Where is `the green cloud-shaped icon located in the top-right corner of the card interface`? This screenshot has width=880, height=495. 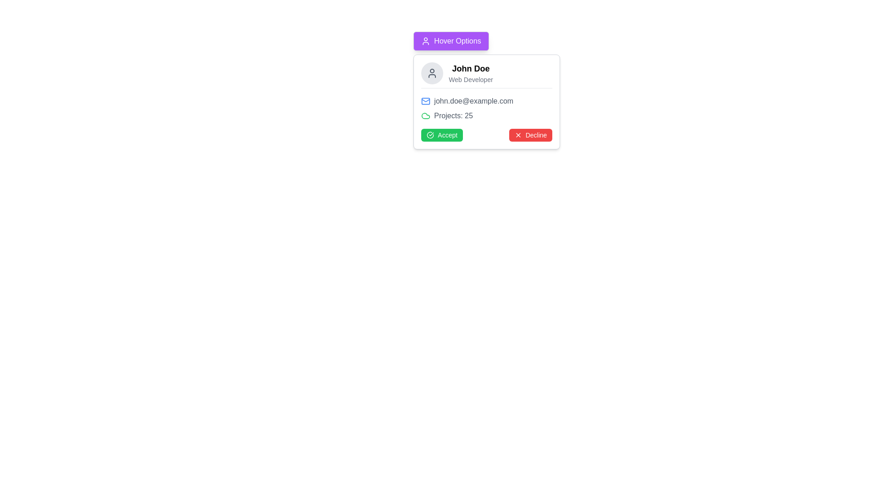
the green cloud-shaped icon located in the top-right corner of the card interface is located at coordinates (425, 115).